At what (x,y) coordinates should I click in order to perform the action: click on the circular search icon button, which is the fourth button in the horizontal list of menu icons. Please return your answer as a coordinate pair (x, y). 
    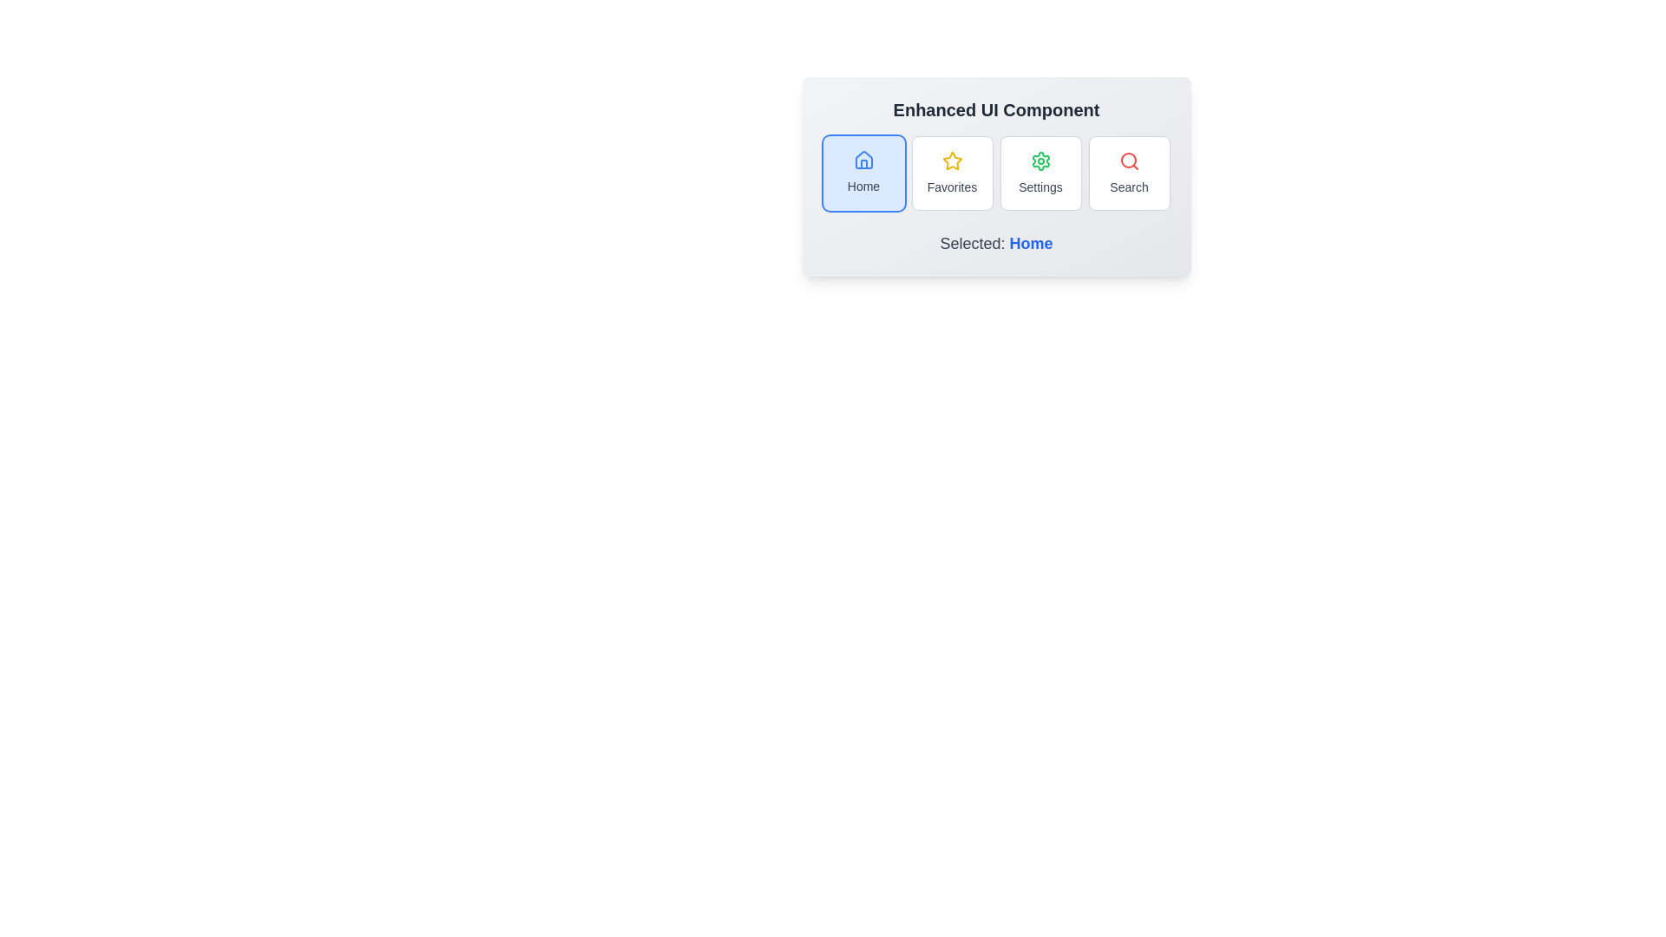
    Looking at the image, I should click on (1128, 161).